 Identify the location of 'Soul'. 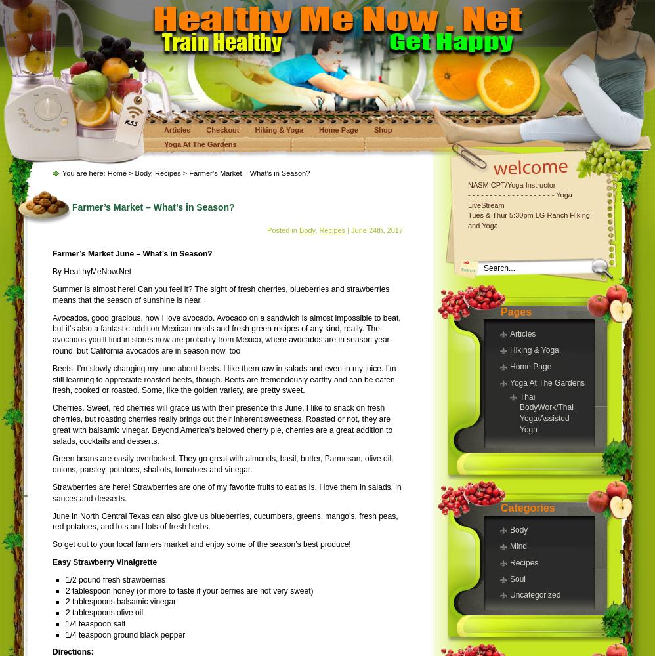
(517, 579).